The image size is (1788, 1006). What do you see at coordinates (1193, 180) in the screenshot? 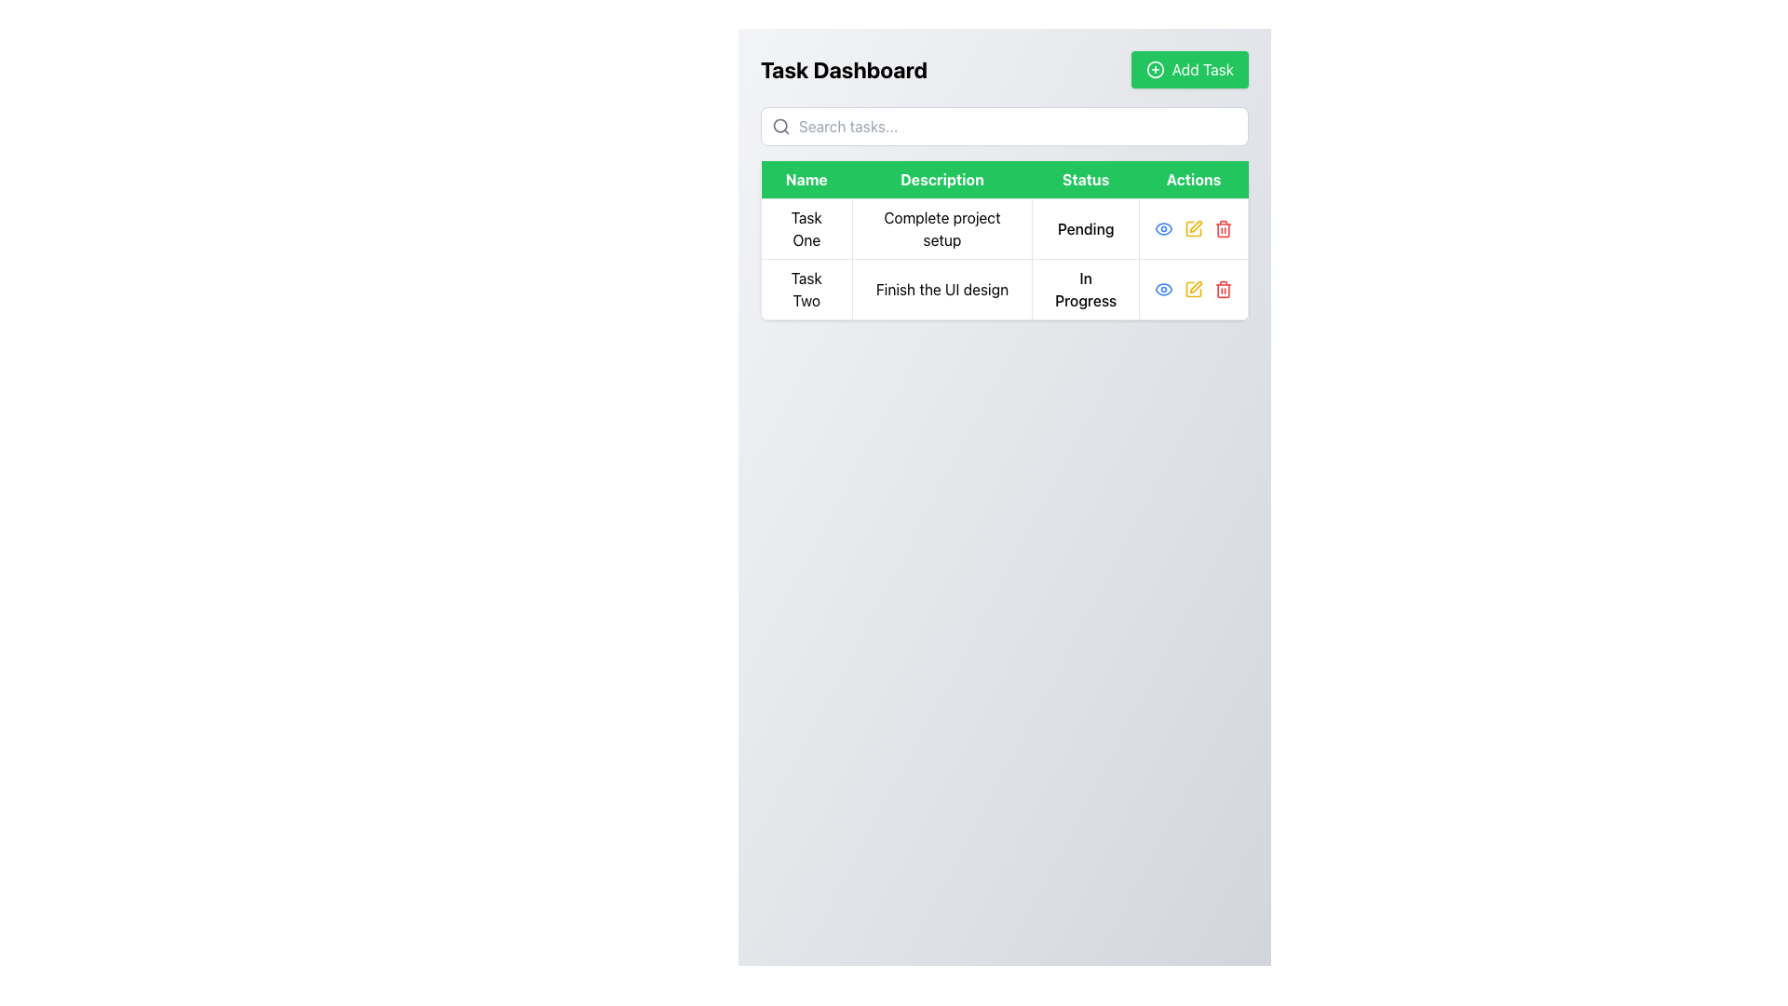
I see `the green rectangular button labeled 'Actions', which is the last column header in the table structure, positioned to the right of the 'Status' header` at bounding box center [1193, 180].